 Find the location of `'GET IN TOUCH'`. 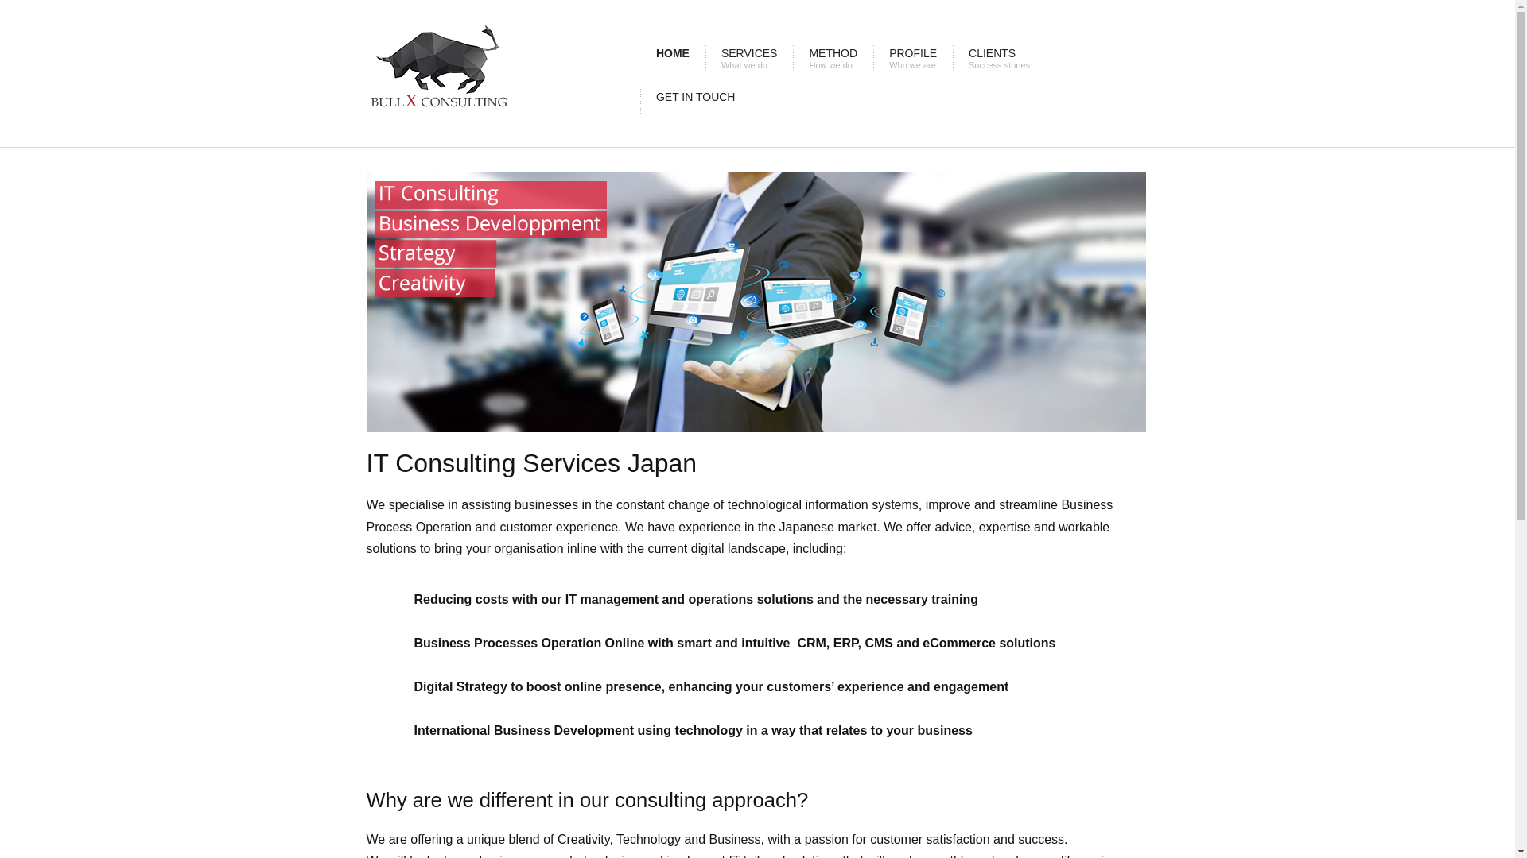

'GET IN TOUCH' is located at coordinates (695, 101).